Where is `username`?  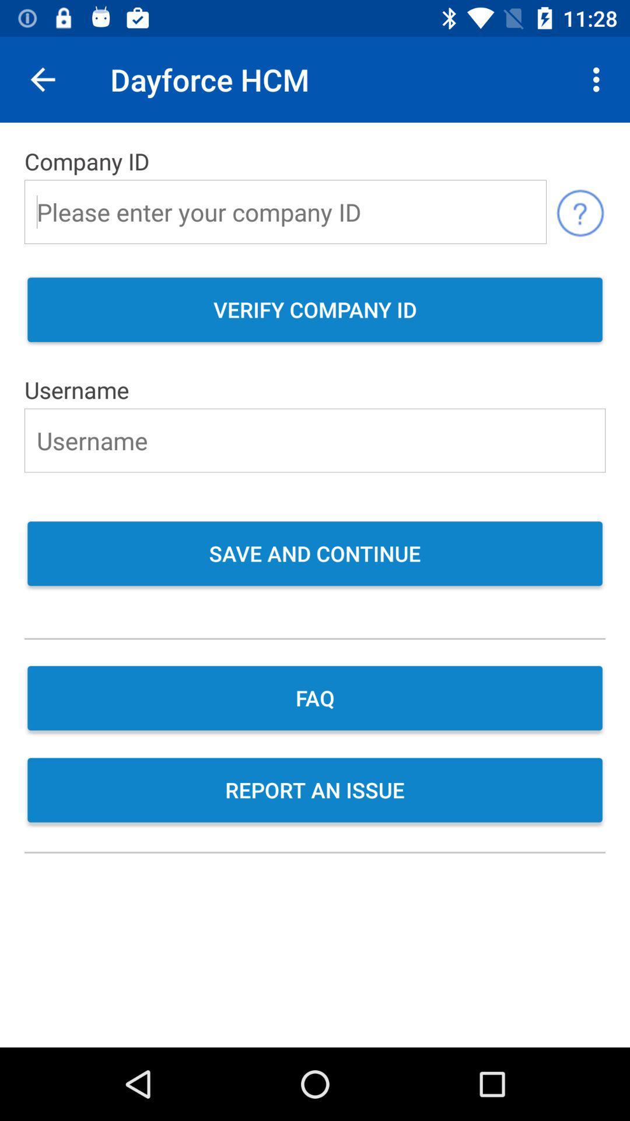
username is located at coordinates (315, 440).